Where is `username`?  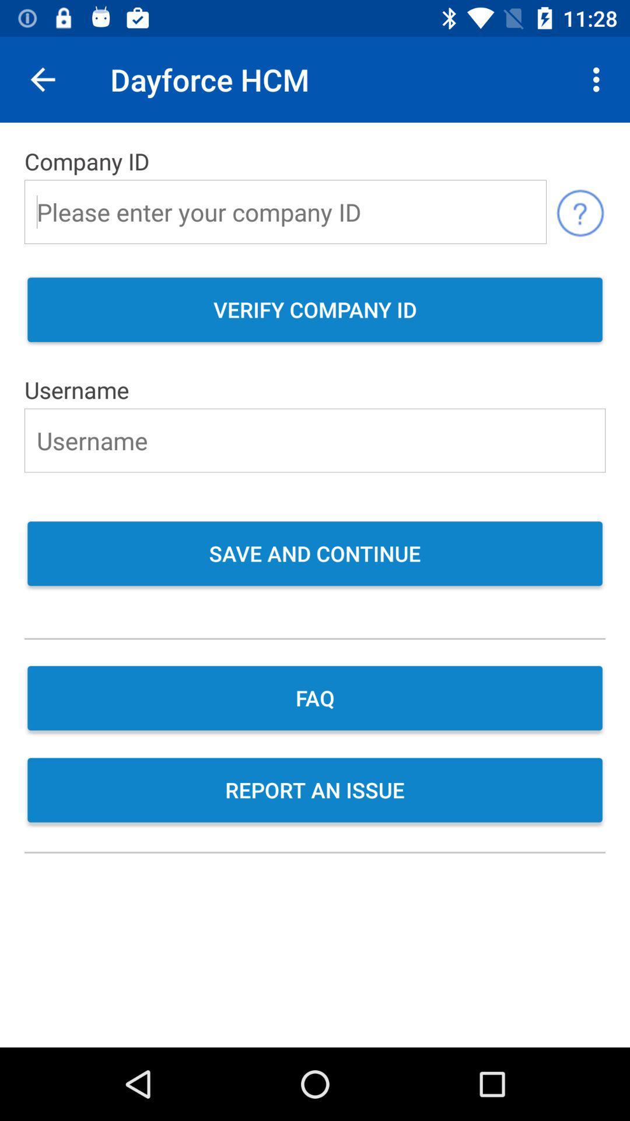
username is located at coordinates (315, 440).